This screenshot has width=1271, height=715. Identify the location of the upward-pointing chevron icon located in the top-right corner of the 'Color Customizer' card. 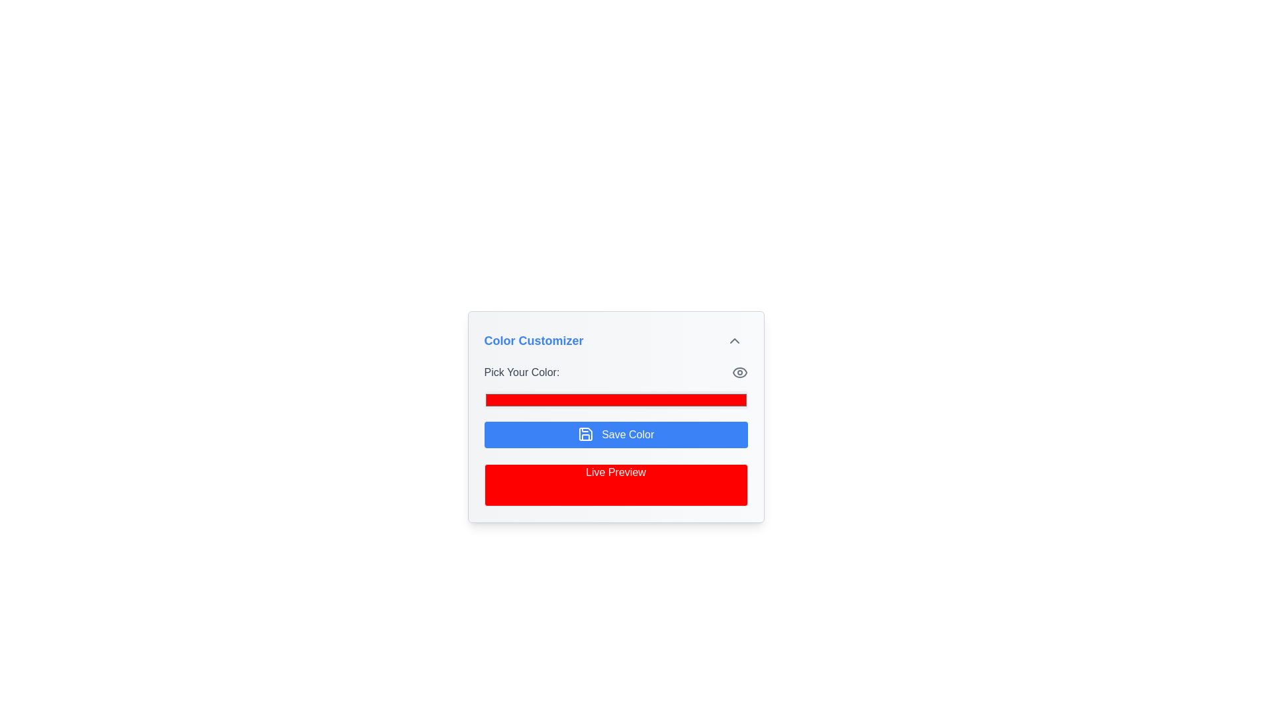
(733, 340).